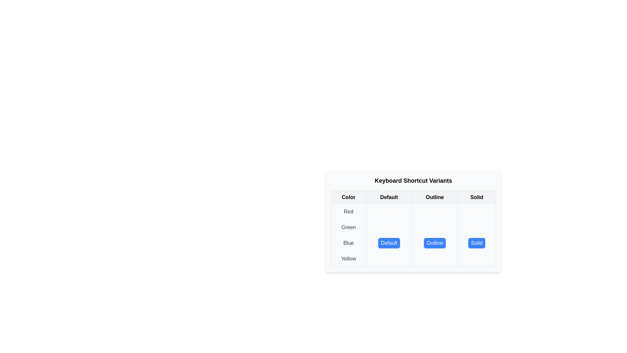  What do you see at coordinates (389, 243) in the screenshot?
I see `the 'Default' button with a blue background and white text, located in the third row under the 'Default' column of the 'Keyboard Shortcut Variants' table, to apply the default option` at bounding box center [389, 243].